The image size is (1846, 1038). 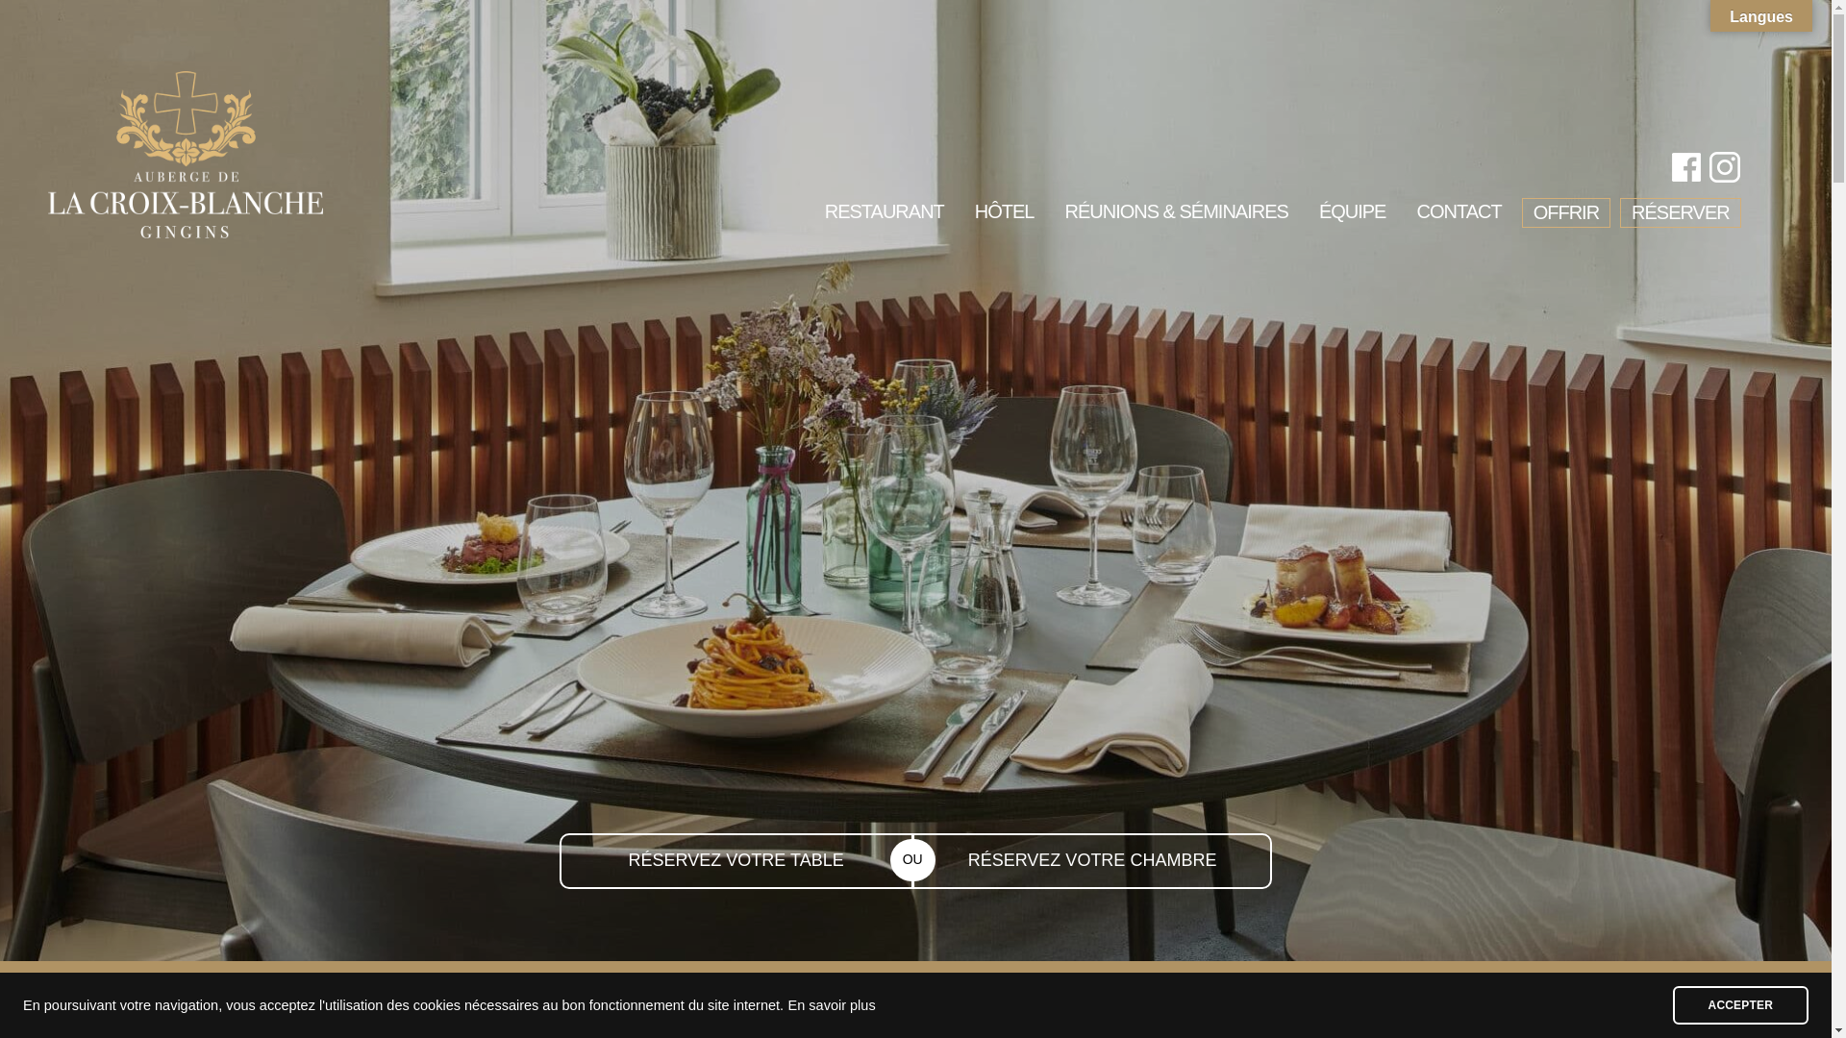 What do you see at coordinates (1458, 215) in the screenshot?
I see `'CONTACT'` at bounding box center [1458, 215].